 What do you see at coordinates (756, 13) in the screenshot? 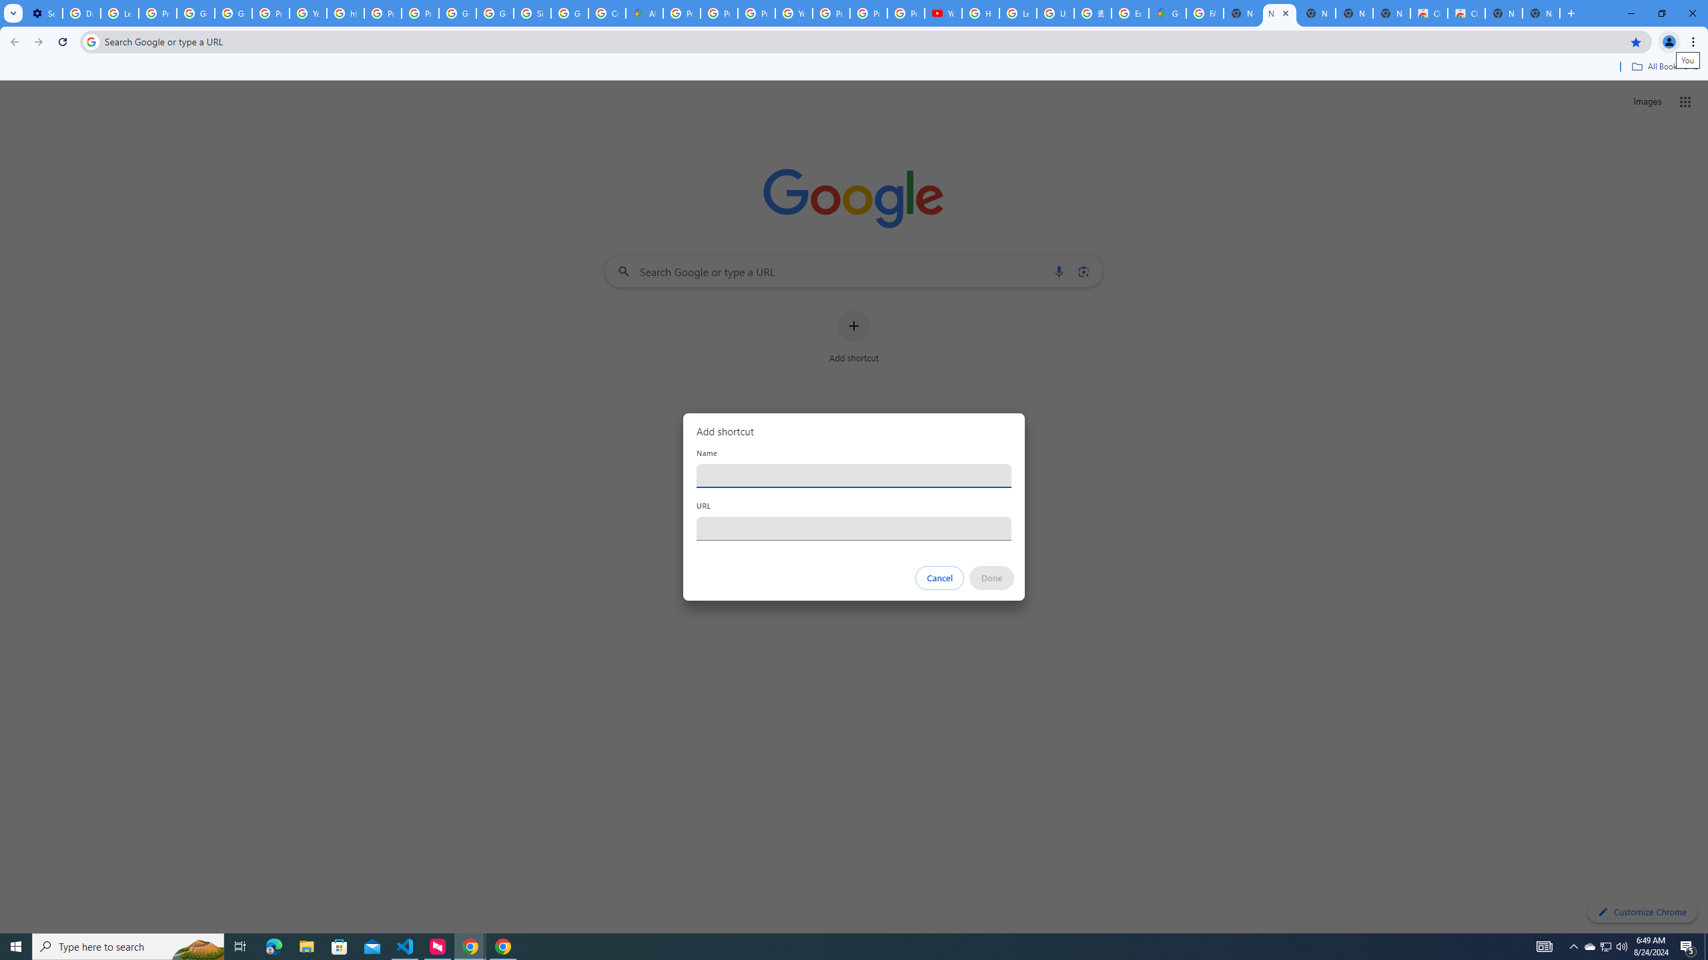
I see `'Privacy Help Center - Policies Help'` at bounding box center [756, 13].